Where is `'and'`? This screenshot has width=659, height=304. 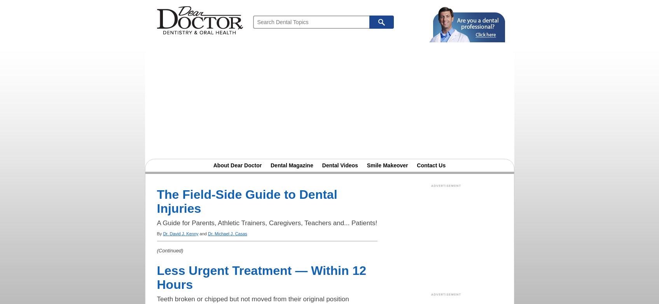
'and' is located at coordinates (198, 233).